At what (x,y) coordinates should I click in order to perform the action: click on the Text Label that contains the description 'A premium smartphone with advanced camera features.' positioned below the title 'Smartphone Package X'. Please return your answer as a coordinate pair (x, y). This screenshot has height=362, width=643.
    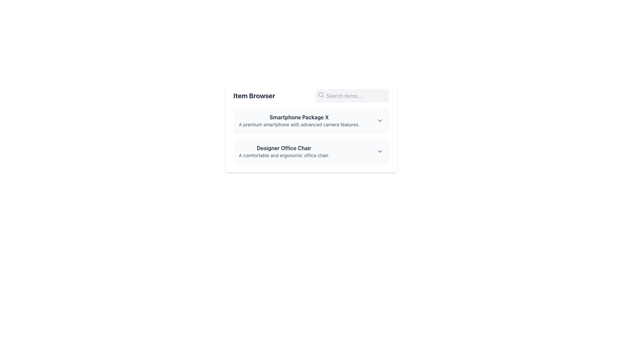
    Looking at the image, I should click on (299, 124).